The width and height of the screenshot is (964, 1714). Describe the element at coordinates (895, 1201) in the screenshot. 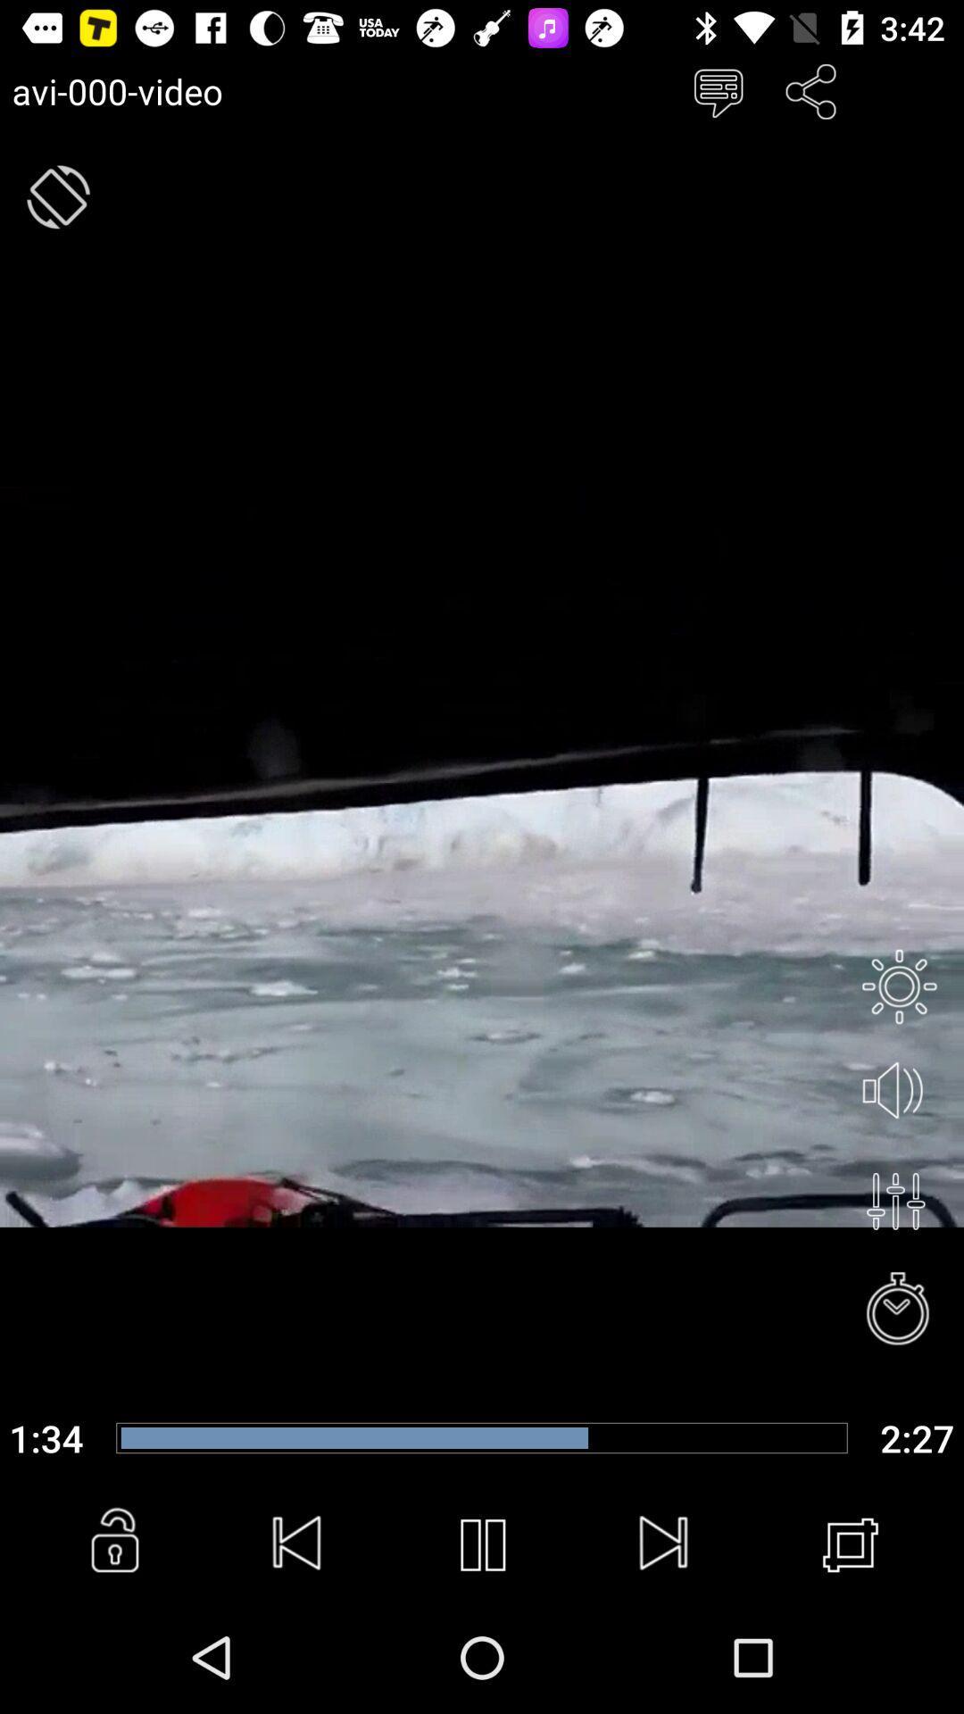

I see `menu button` at that location.